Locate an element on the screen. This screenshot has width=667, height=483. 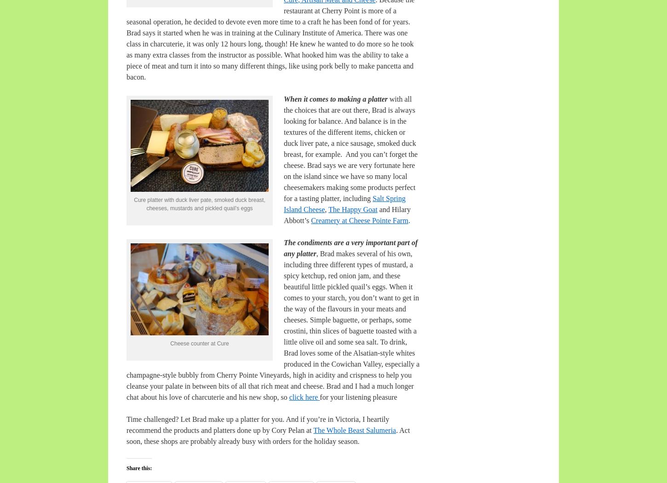
'.' is located at coordinates (407, 220).